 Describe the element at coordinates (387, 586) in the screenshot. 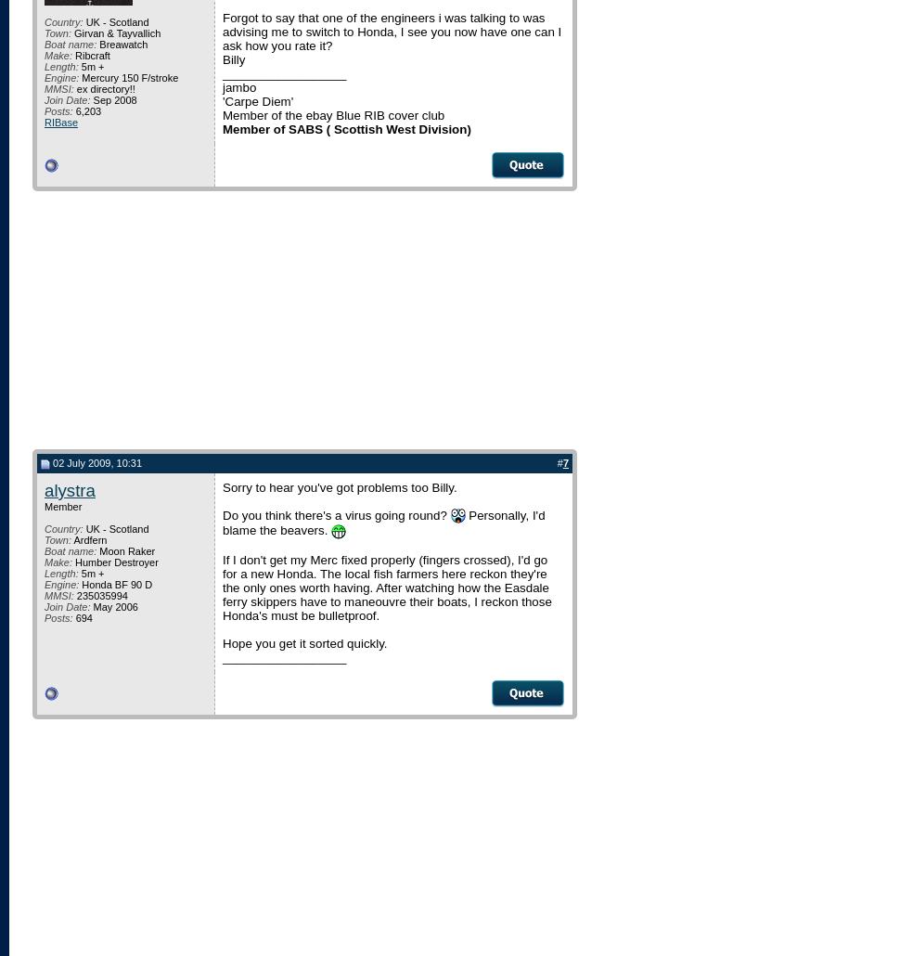

I see `'If I don't get my Merc fixed properly (fingers crossed), I'd go for a new Honda. The local fish farmers here reckon they're the only ones worth having. After watching how the Easdale ferry skippers have to maneouvre their boats, I reckon those Honda's must be bulletproof.'` at that location.